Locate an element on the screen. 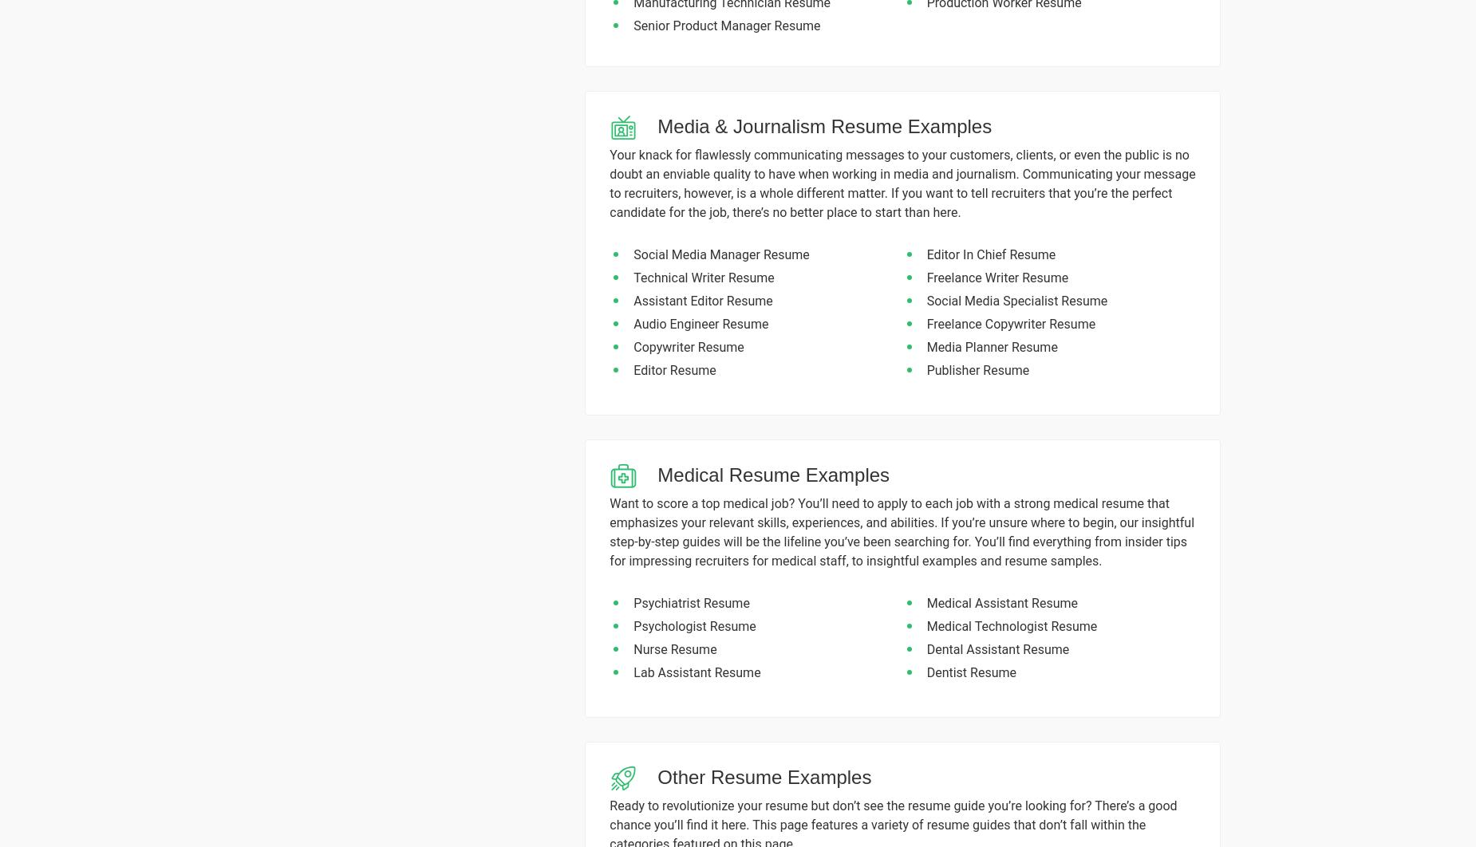 This screenshot has height=847, width=1476. 'Editor In Chief Resume' is located at coordinates (990, 254).